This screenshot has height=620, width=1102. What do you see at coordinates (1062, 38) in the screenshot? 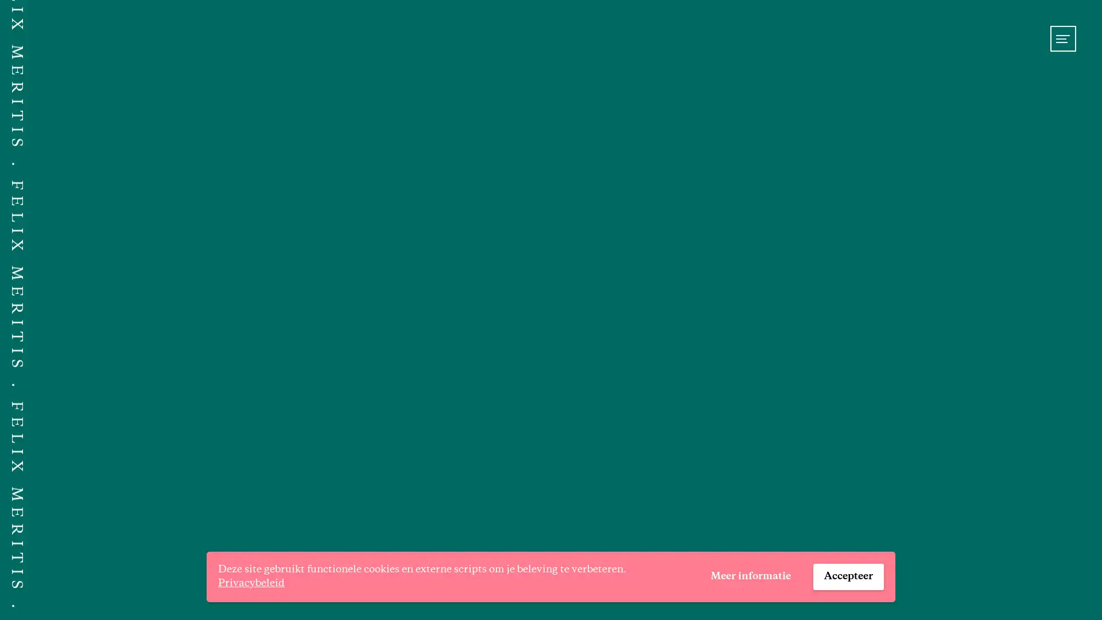
I see `Toon/verberg menu` at bounding box center [1062, 38].